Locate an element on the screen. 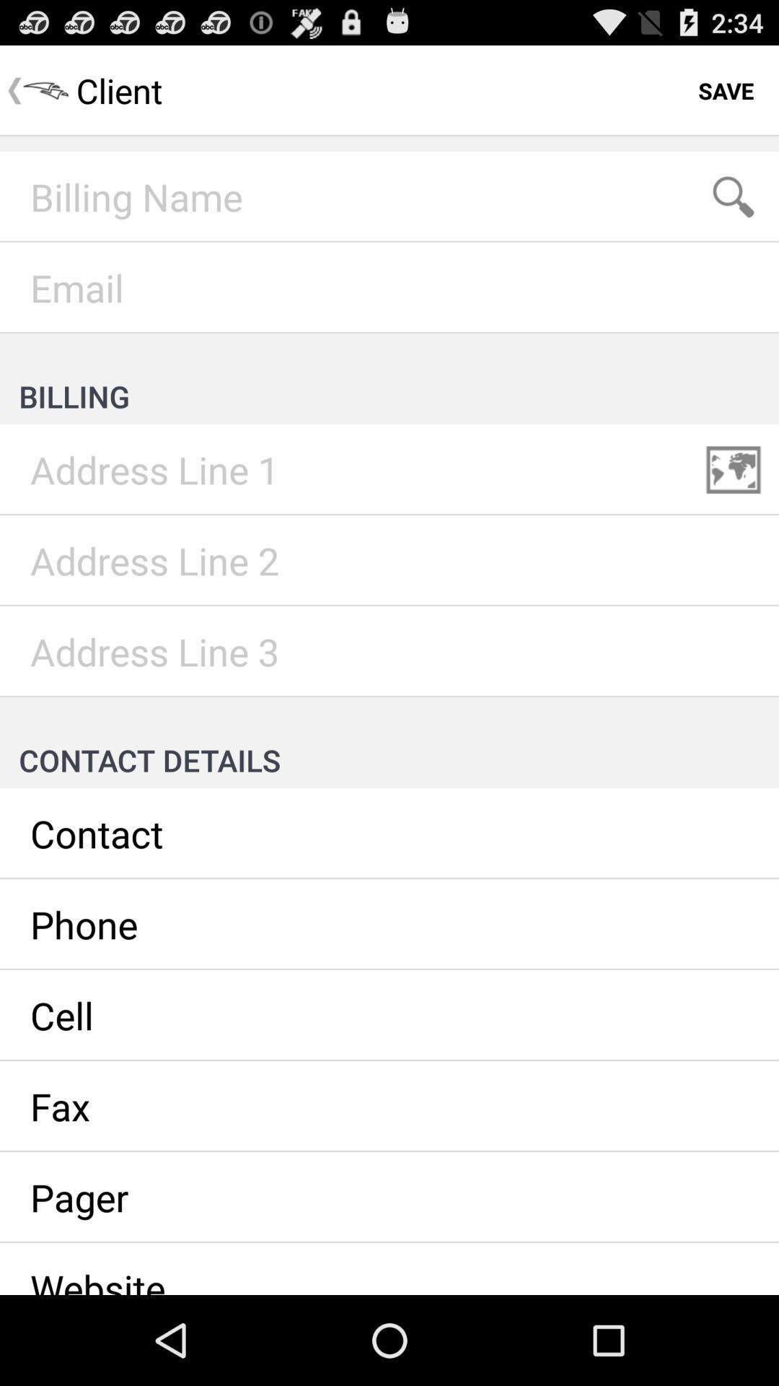 This screenshot has width=779, height=1386. email is located at coordinates (389, 287).